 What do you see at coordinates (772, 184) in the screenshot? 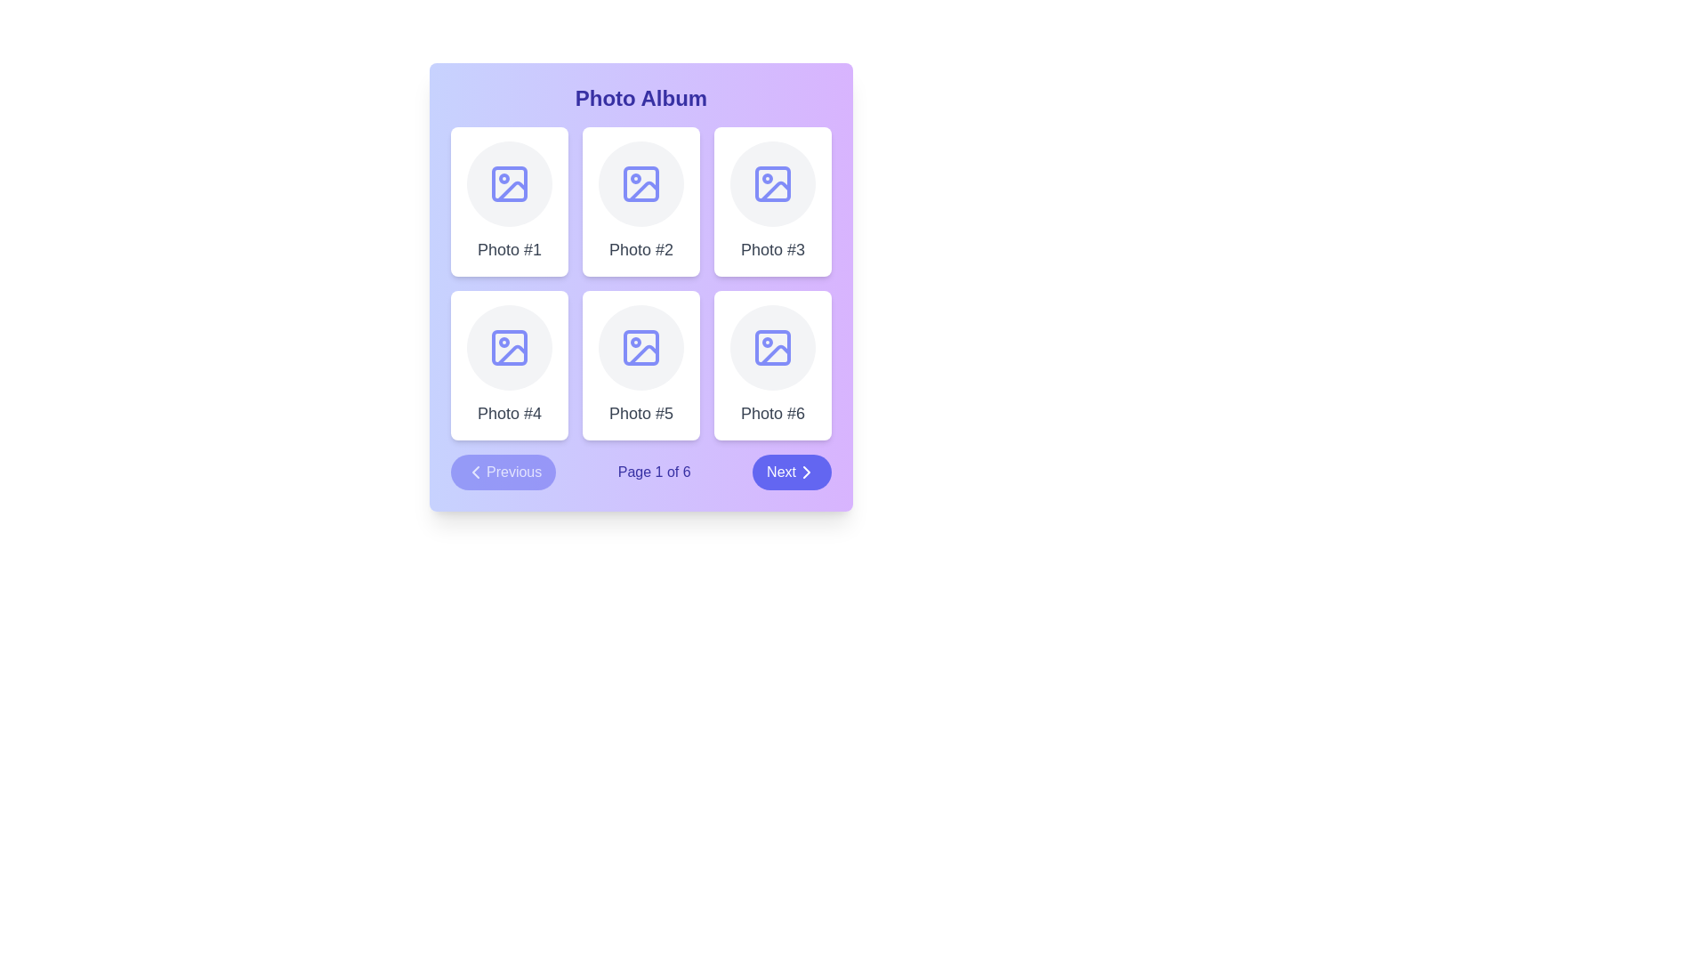
I see `the decorative rounded rectangle located centrally within the 'Photo #3' icon, which features a mountain silhouette and a sun-like circle` at bounding box center [772, 184].